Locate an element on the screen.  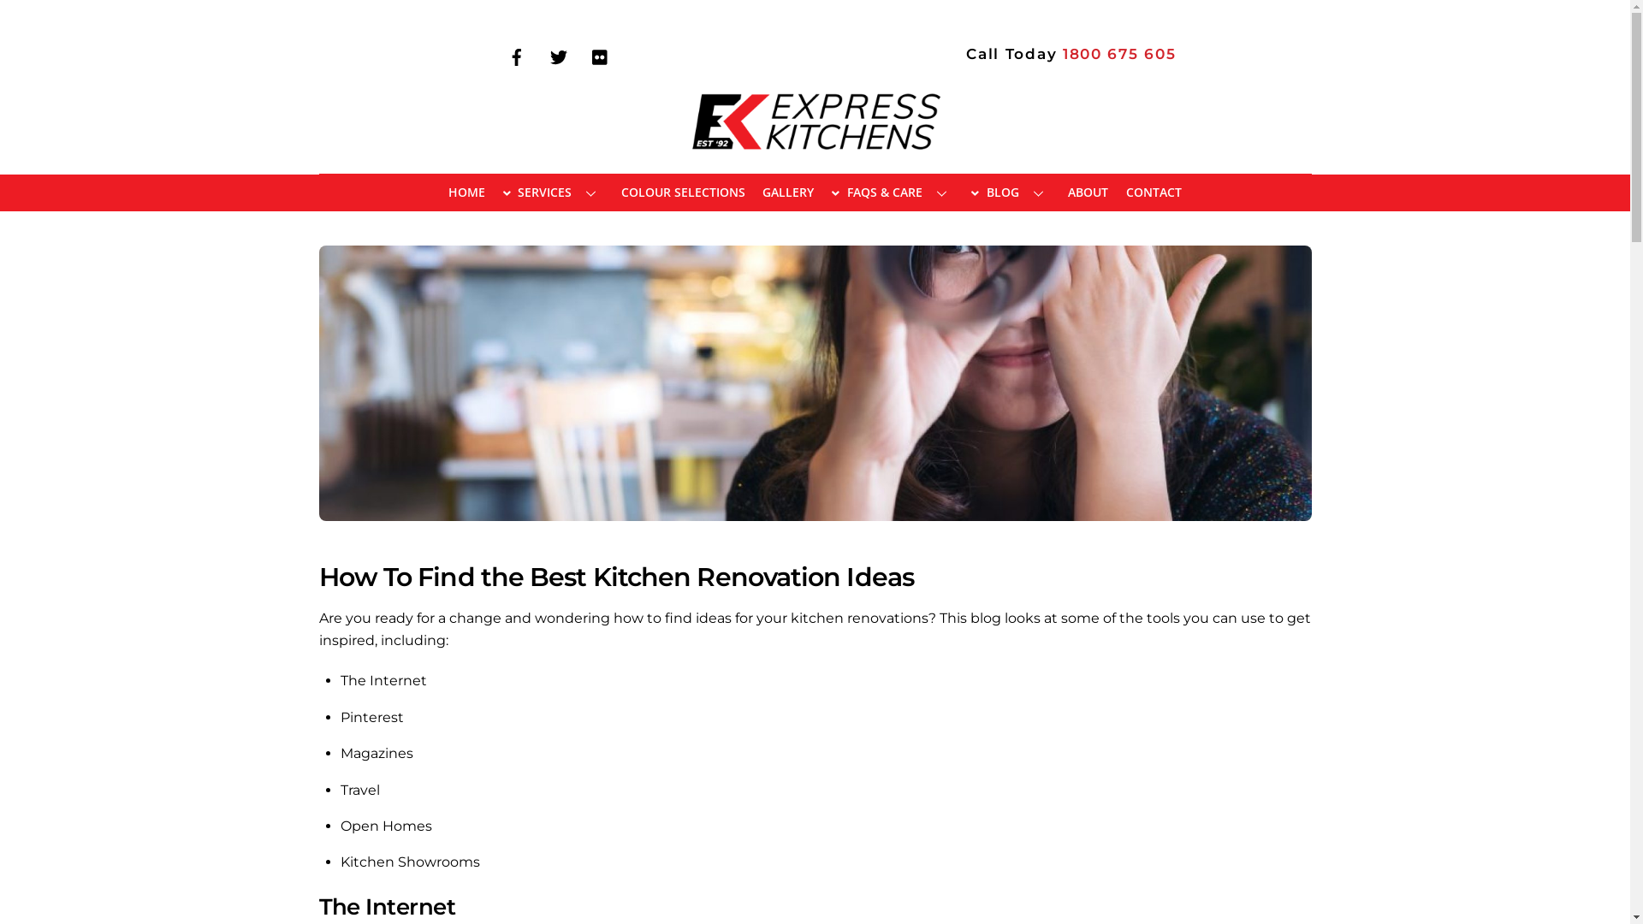
'HOME' is located at coordinates (466, 192).